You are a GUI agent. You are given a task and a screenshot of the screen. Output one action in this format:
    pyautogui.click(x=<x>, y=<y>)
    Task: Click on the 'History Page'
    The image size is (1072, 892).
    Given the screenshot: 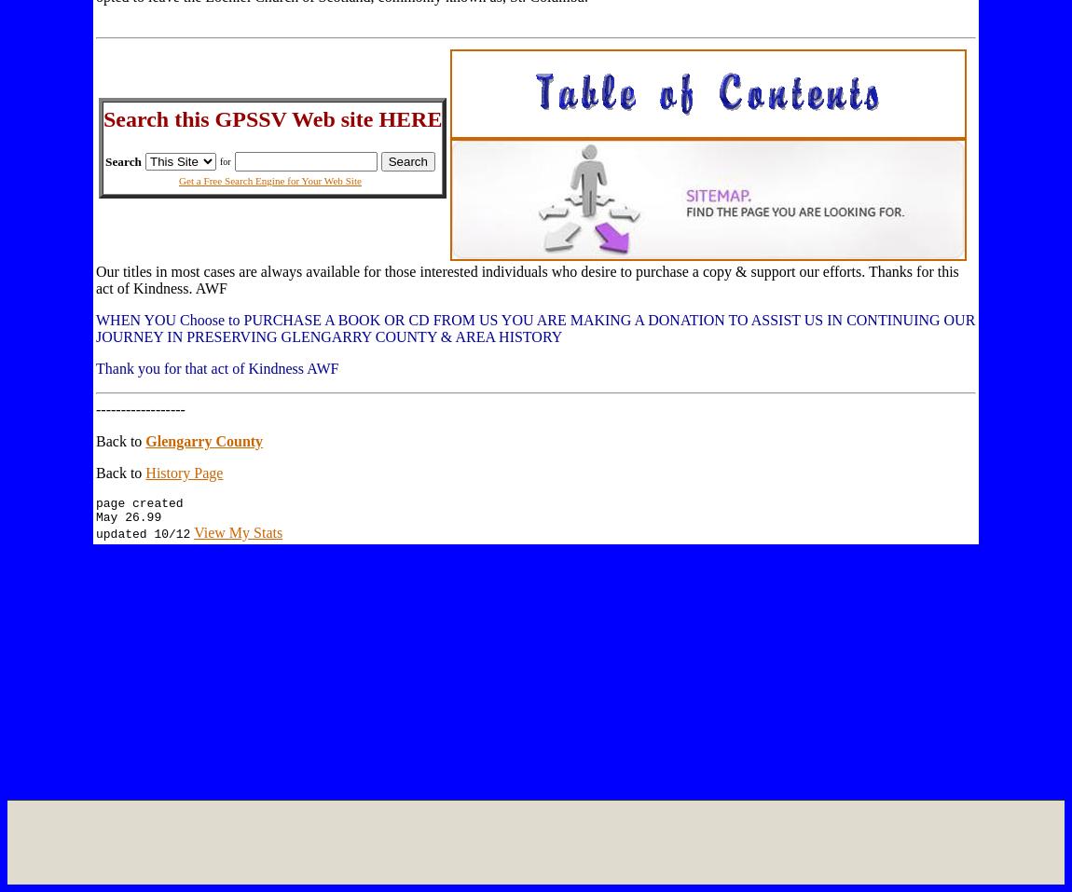 What is the action you would take?
    pyautogui.click(x=144, y=473)
    